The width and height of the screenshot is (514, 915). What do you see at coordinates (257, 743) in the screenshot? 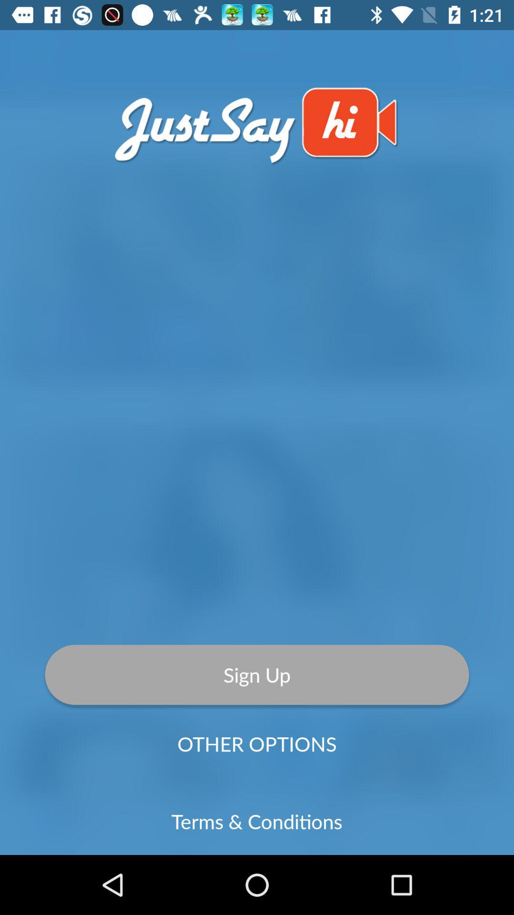
I see `the other options icon` at bounding box center [257, 743].